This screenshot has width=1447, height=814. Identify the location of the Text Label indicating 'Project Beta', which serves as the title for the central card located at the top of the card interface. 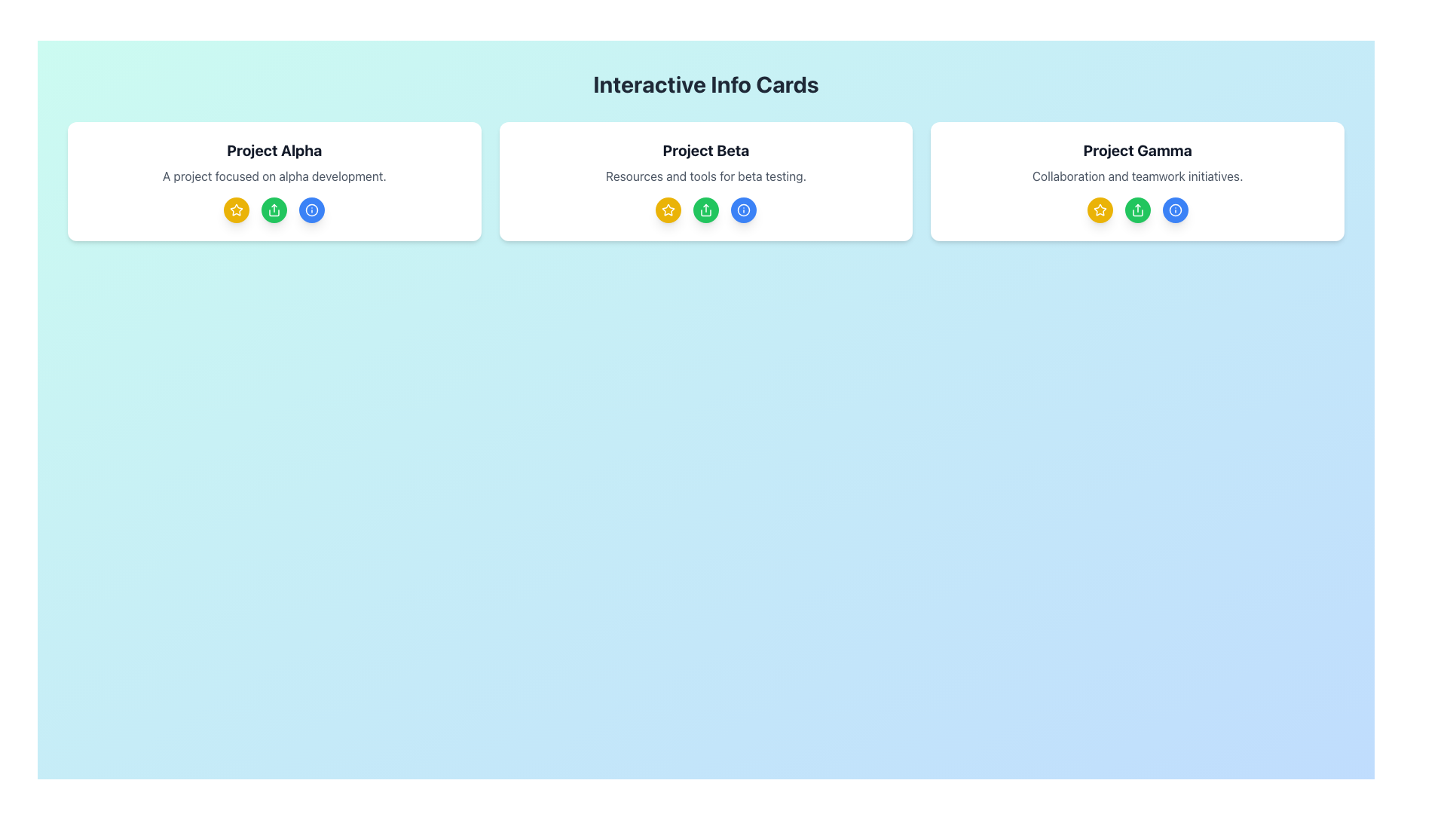
(705, 151).